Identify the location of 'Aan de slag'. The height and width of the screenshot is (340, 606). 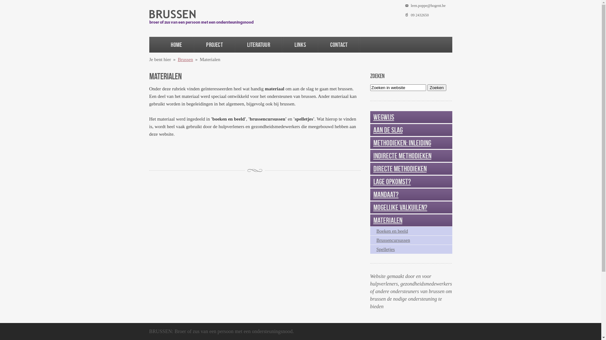
(387, 129).